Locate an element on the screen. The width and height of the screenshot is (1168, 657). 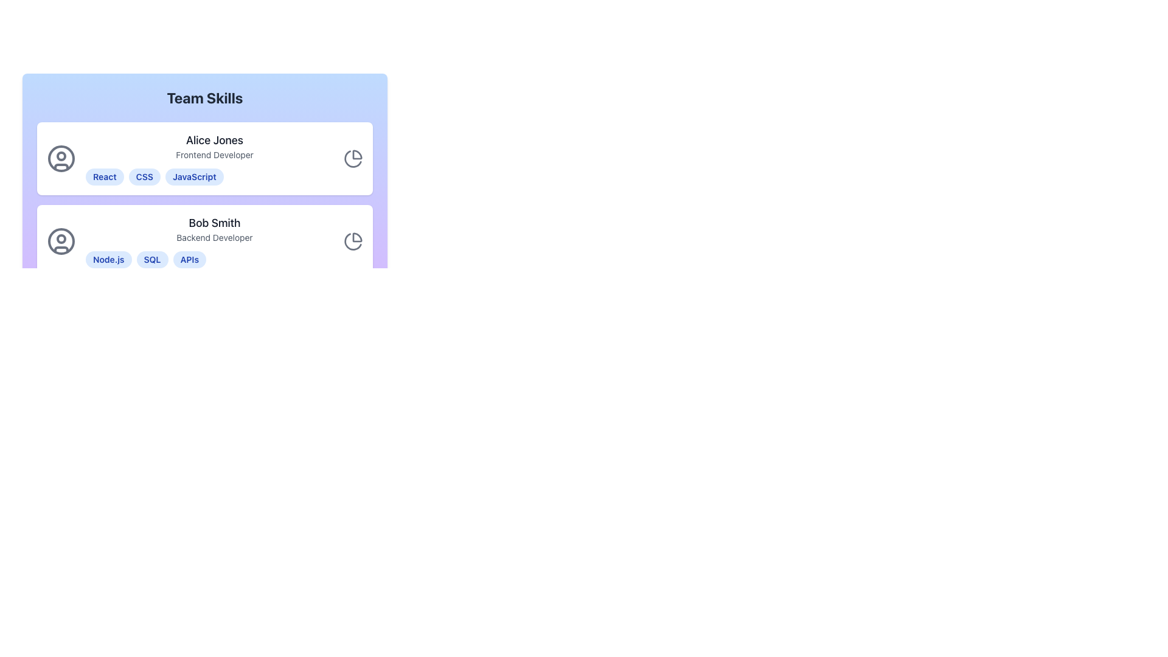
the oval-shaped badge with a light blue background containing the text 'CSS' in bold dark blue font, which is the second badge in a horizontal list next to the 'Alice Jones' profile section is located at coordinates (144, 176).